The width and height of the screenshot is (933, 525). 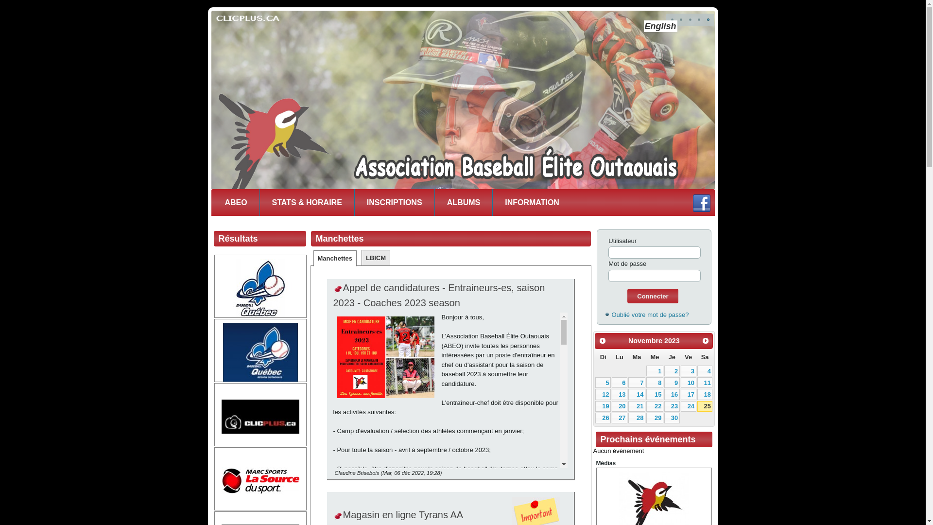 I want to click on '17', so click(x=688, y=394).